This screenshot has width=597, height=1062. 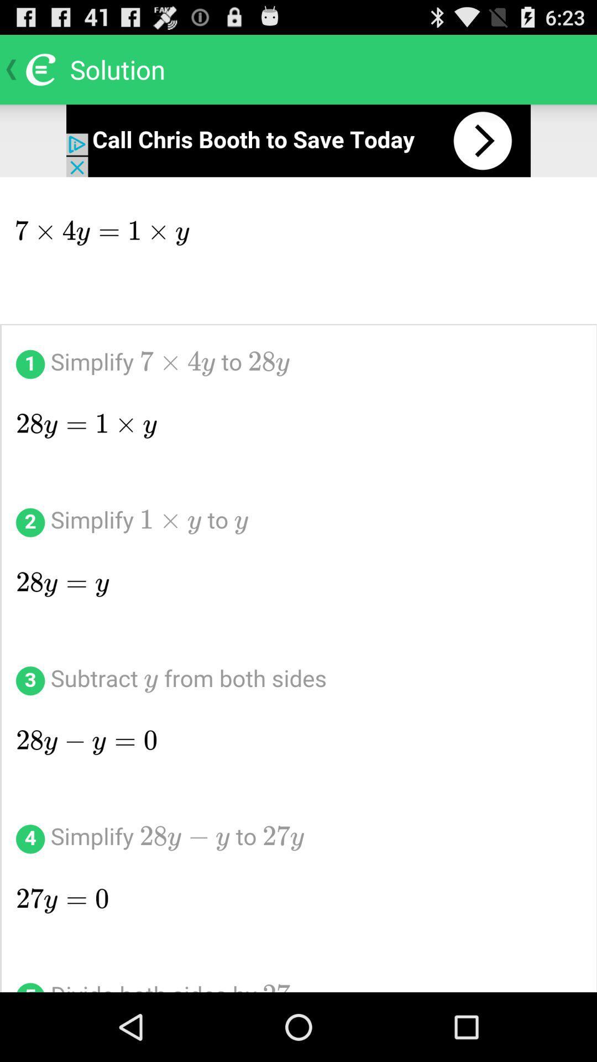 What do you see at coordinates (298, 584) in the screenshot?
I see `show solution steps` at bounding box center [298, 584].